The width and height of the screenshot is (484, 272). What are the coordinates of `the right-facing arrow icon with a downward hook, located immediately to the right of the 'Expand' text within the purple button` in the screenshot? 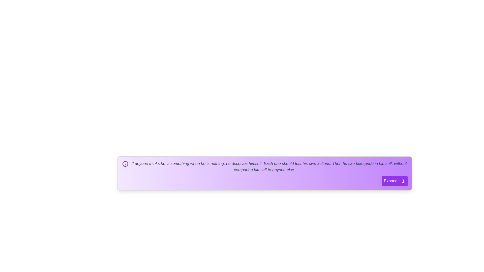 It's located at (402, 180).